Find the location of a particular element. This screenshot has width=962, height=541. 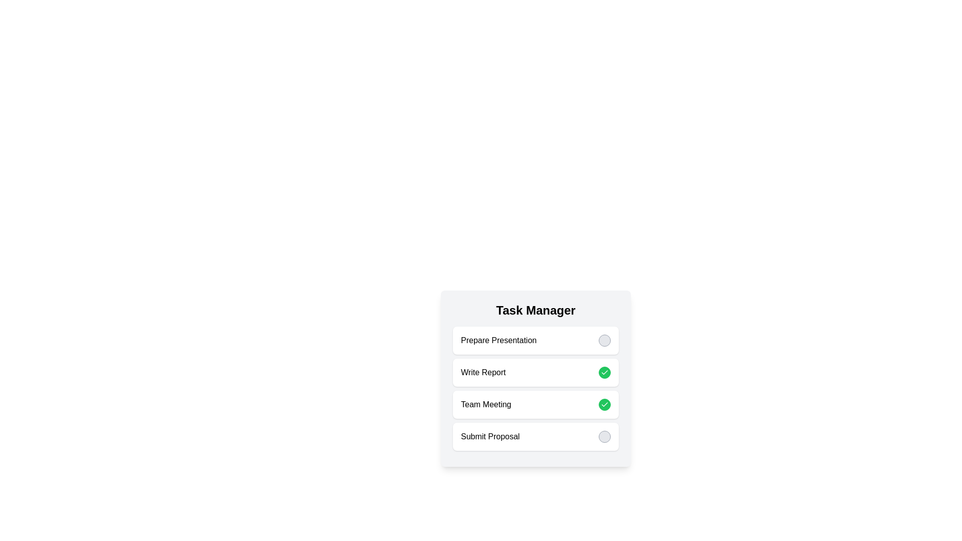

the task name Submit Proposal to select it is located at coordinates (490, 436).